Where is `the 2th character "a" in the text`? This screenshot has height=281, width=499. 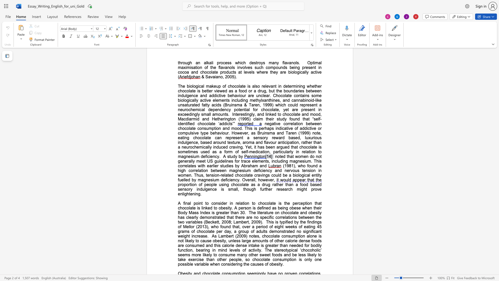 the 2th character "a" in the text is located at coordinates (271, 203).